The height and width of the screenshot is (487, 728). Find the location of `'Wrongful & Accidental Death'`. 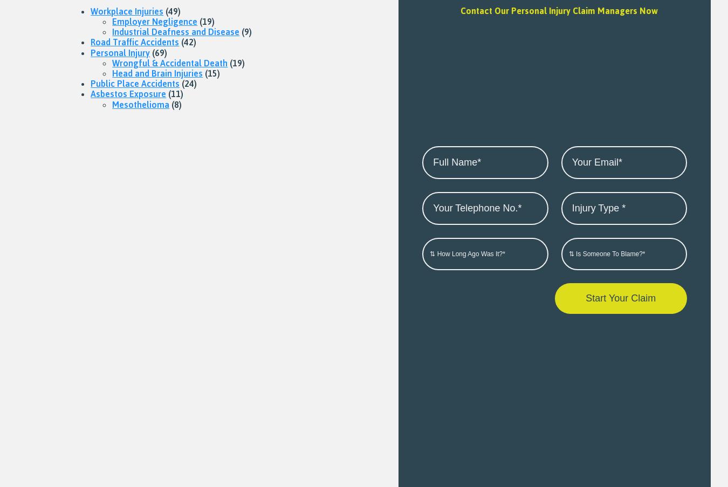

'Wrongful & Accidental Death' is located at coordinates (169, 63).